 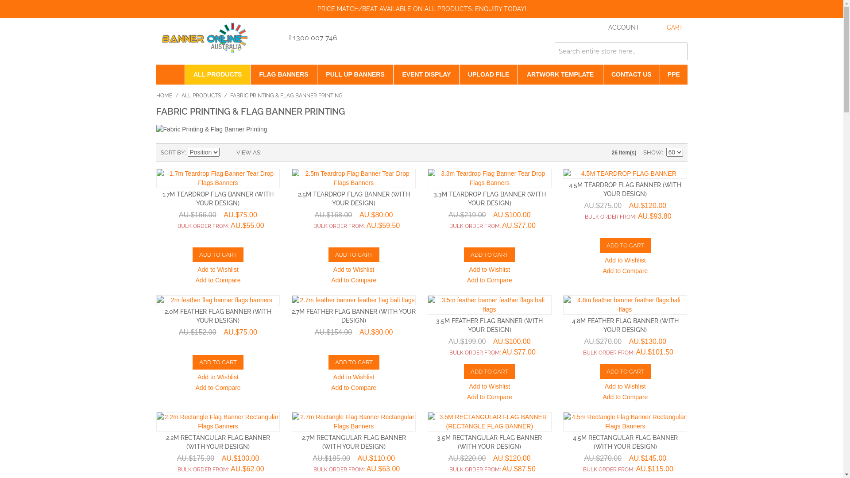 What do you see at coordinates (463, 371) in the screenshot?
I see `'ADD TO CART'` at bounding box center [463, 371].